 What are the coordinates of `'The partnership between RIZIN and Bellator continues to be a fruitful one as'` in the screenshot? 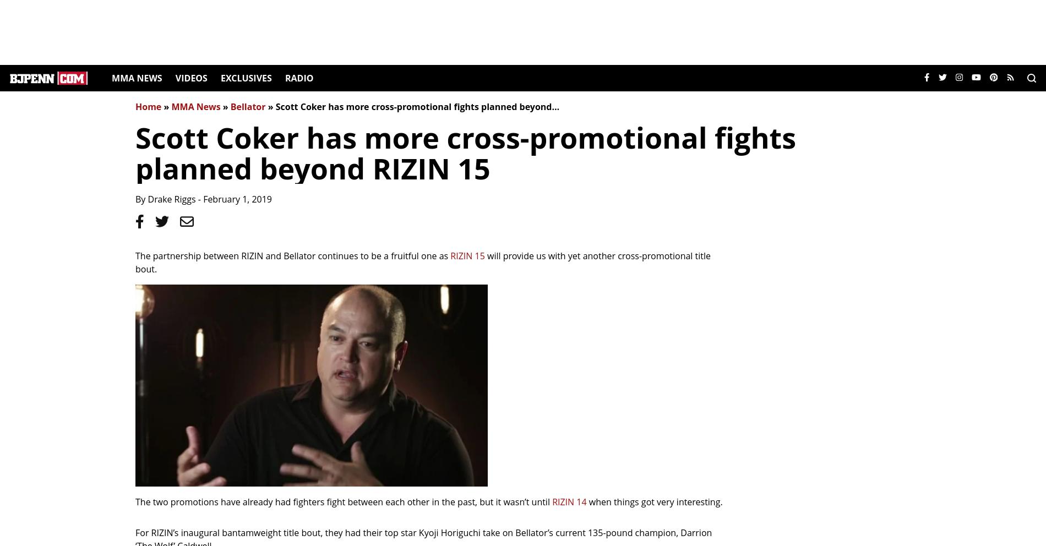 It's located at (293, 256).